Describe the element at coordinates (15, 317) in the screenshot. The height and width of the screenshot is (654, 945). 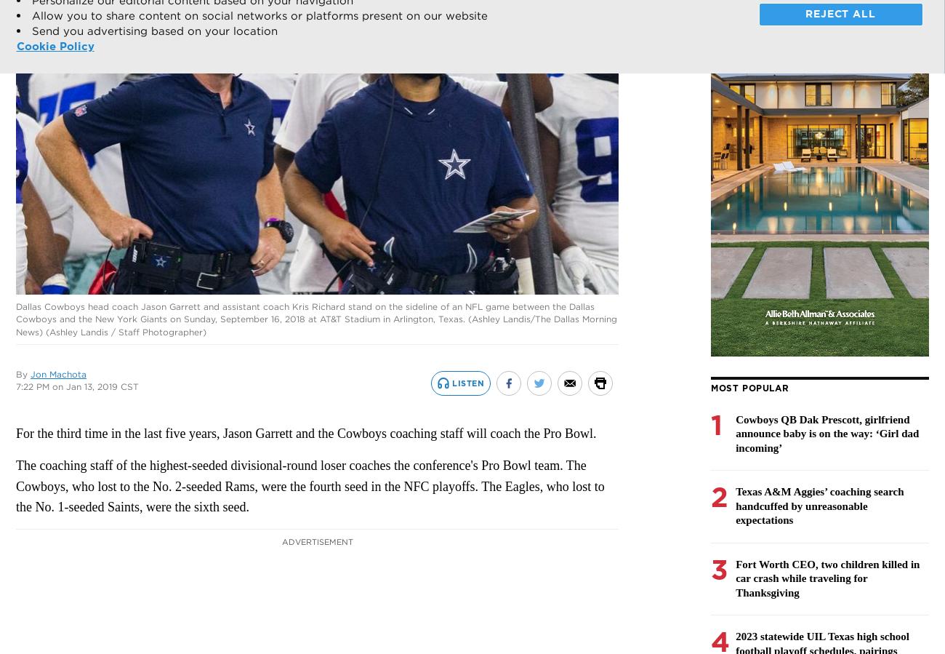
I see `'Dallas Cowboys head coach Jason Garrett and assistant coach Kris Richard stand on the sideline of an NFL game between the Dallas Cowboys and the New York Giants on Sunday, September 16, 2018 at AT&T Stadium in Arlington, Texas. (Ashley Landis/The Dallas Morning News)'` at that location.